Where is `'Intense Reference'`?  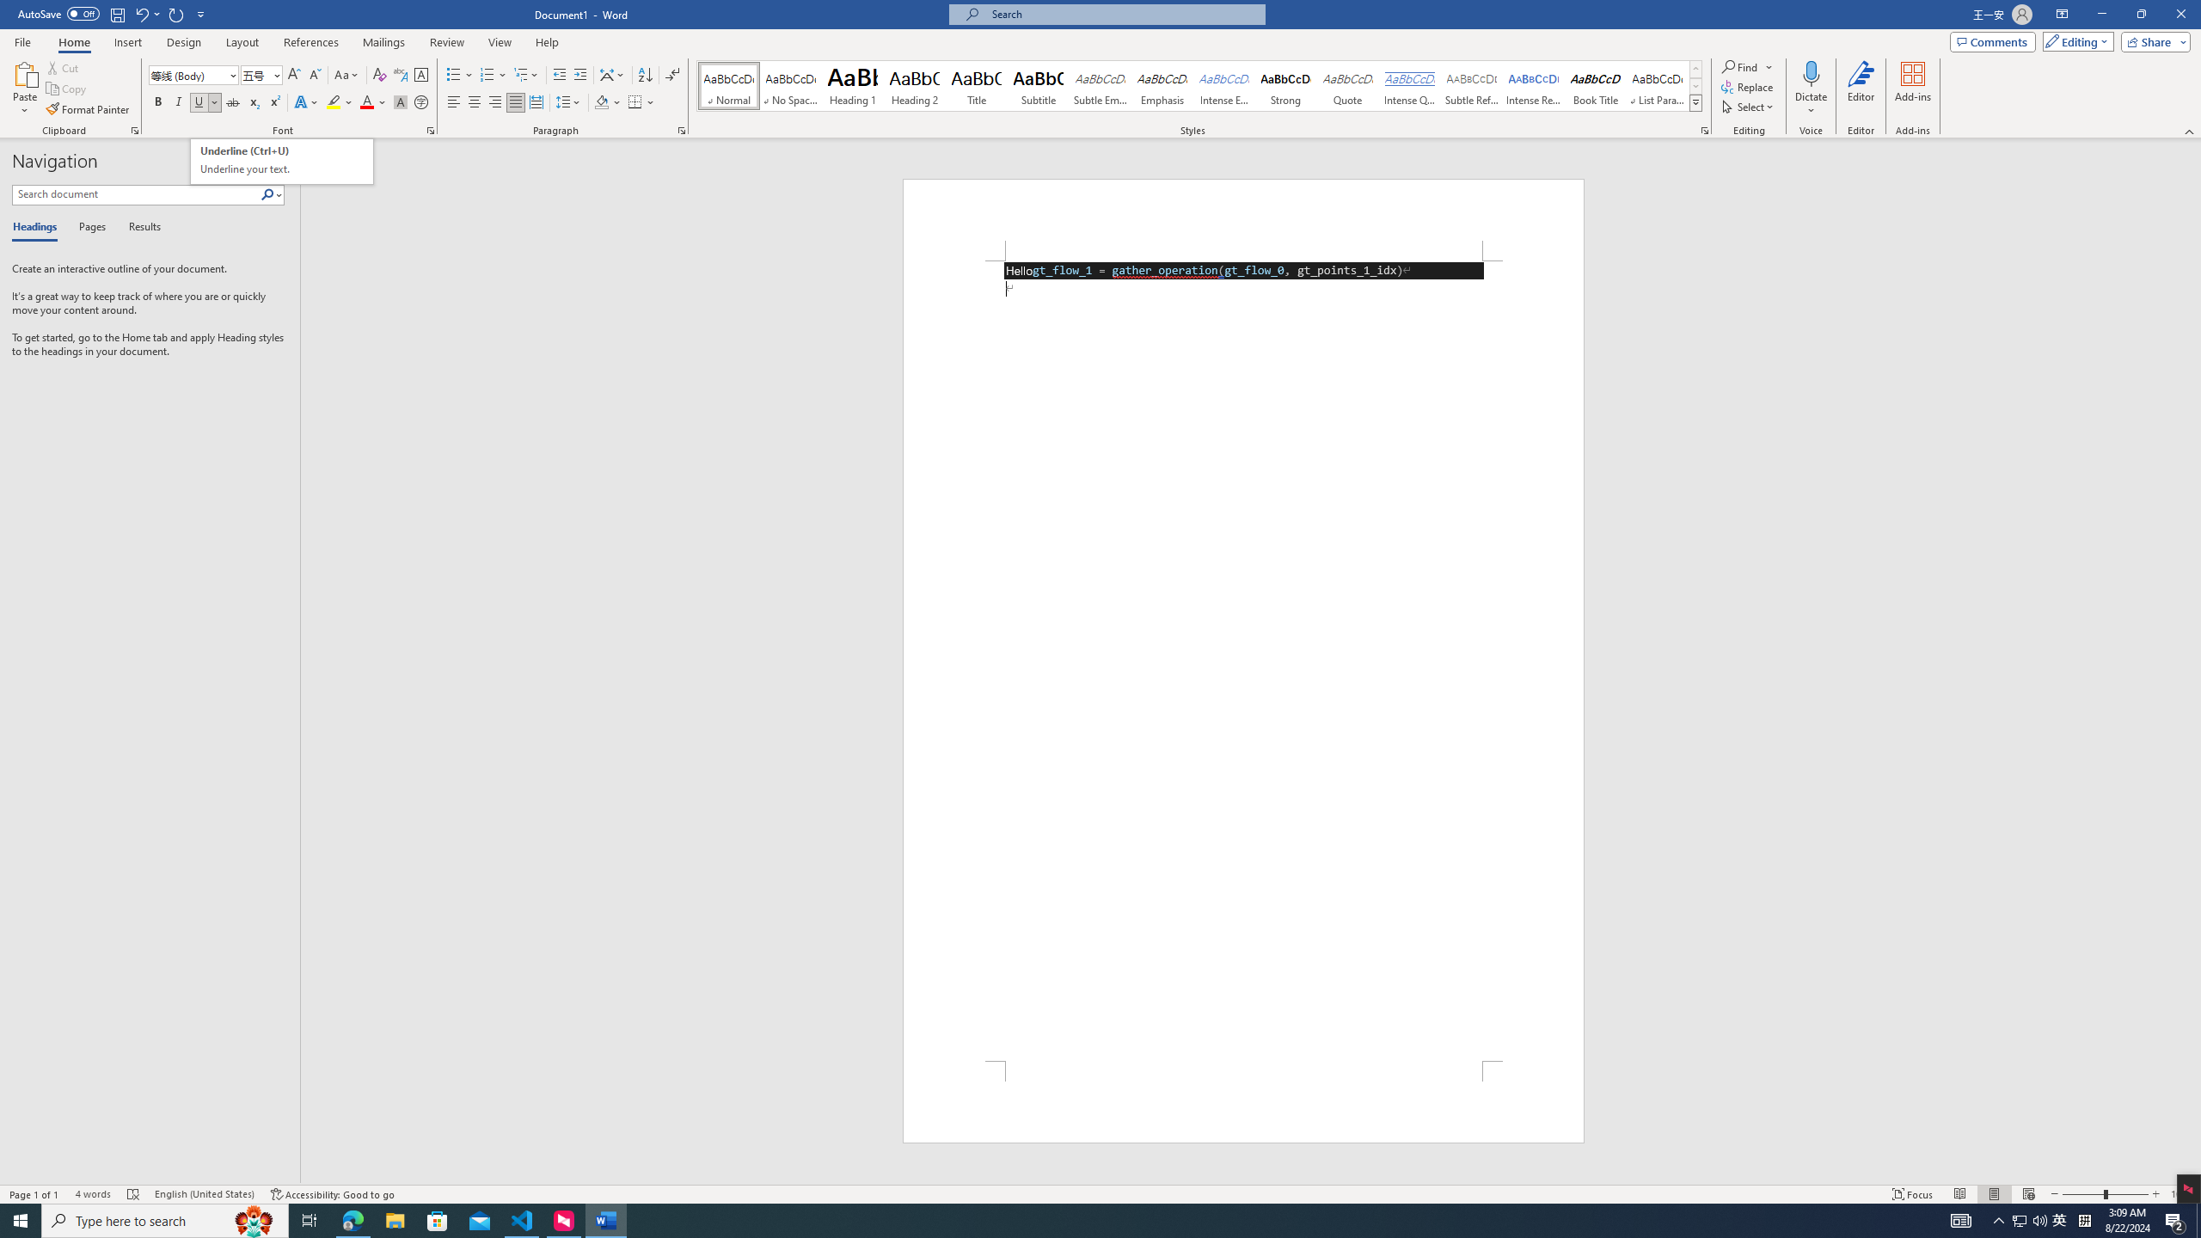
'Intense Reference' is located at coordinates (1534, 85).